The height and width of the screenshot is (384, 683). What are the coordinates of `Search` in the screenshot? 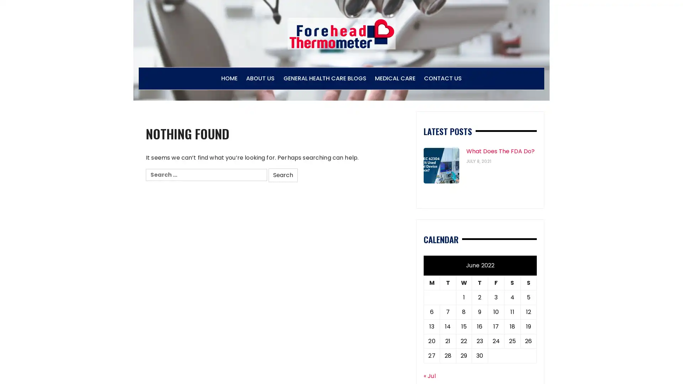 It's located at (283, 175).